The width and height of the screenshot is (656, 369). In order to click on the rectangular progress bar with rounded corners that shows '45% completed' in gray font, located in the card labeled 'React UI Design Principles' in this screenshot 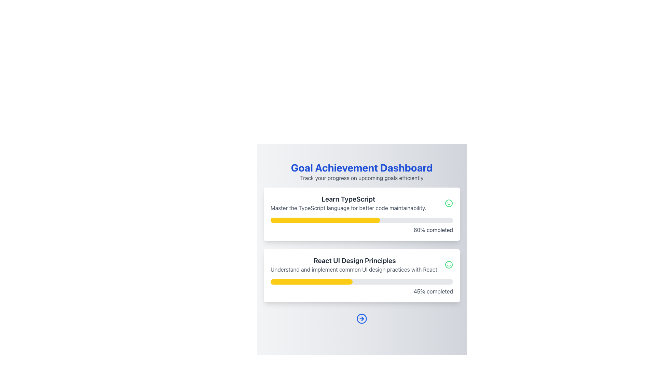, I will do `click(361, 287)`.